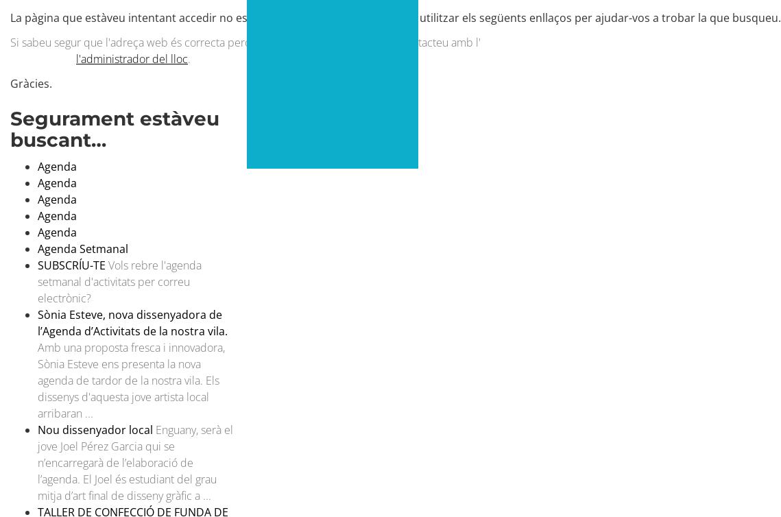 Image resolution: width=781 pixels, height=517 pixels. I want to click on '.', so click(189, 58).